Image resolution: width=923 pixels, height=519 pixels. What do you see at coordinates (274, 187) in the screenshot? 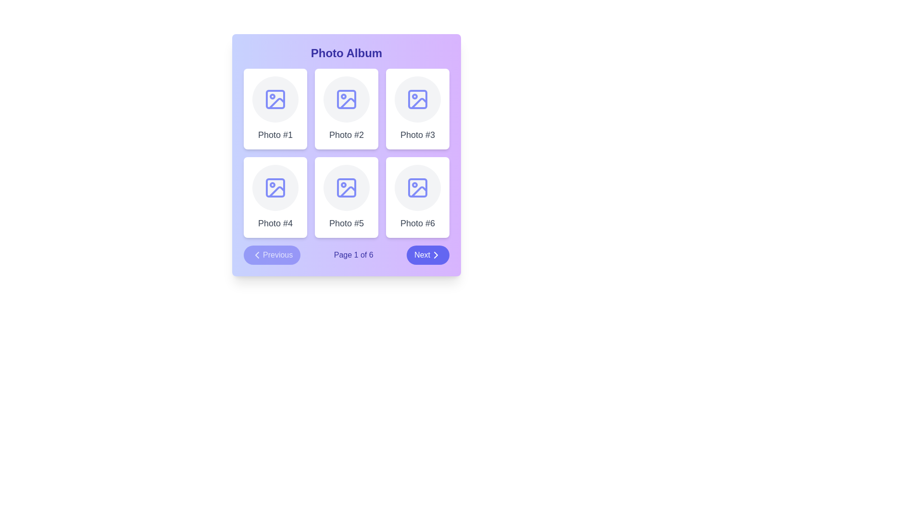
I see `the Icon placeholder located in the center of the second row under the label 'Photo #4'` at bounding box center [274, 187].